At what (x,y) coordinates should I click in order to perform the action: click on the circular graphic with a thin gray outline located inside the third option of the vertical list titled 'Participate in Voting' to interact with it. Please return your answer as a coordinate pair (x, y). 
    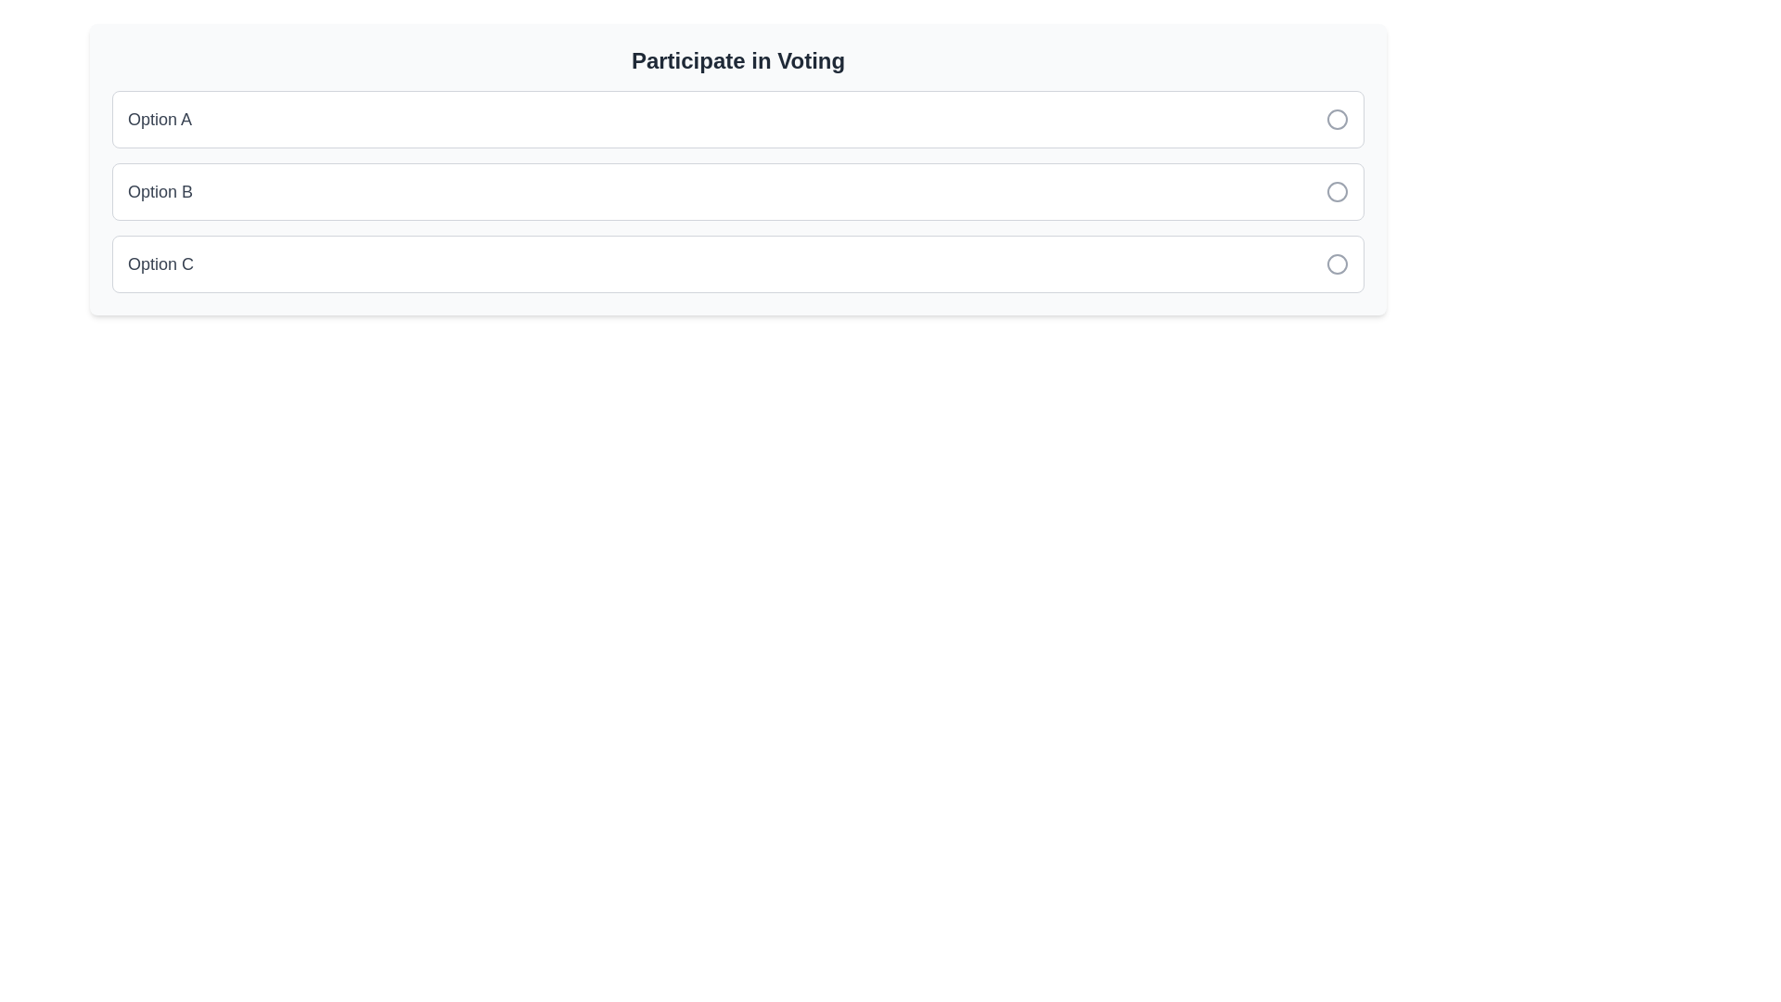
    Looking at the image, I should click on (1337, 264).